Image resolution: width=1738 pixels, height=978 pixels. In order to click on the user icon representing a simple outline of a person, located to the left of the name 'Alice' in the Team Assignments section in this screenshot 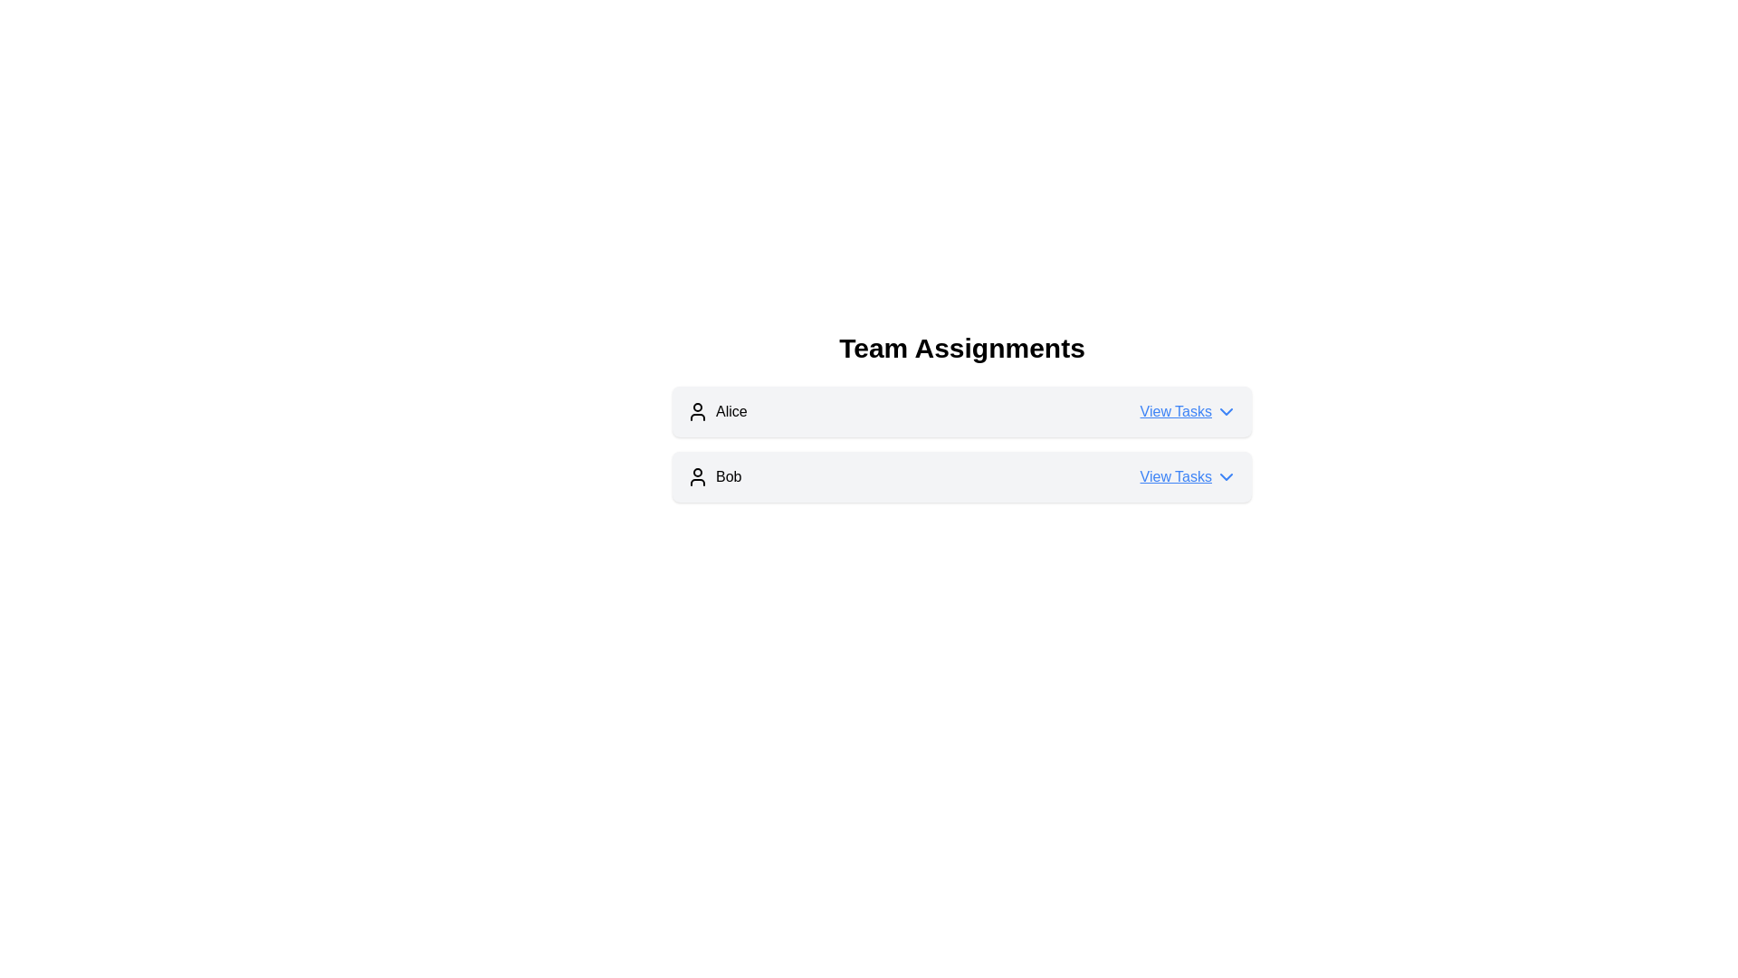, I will do `click(697, 412)`.